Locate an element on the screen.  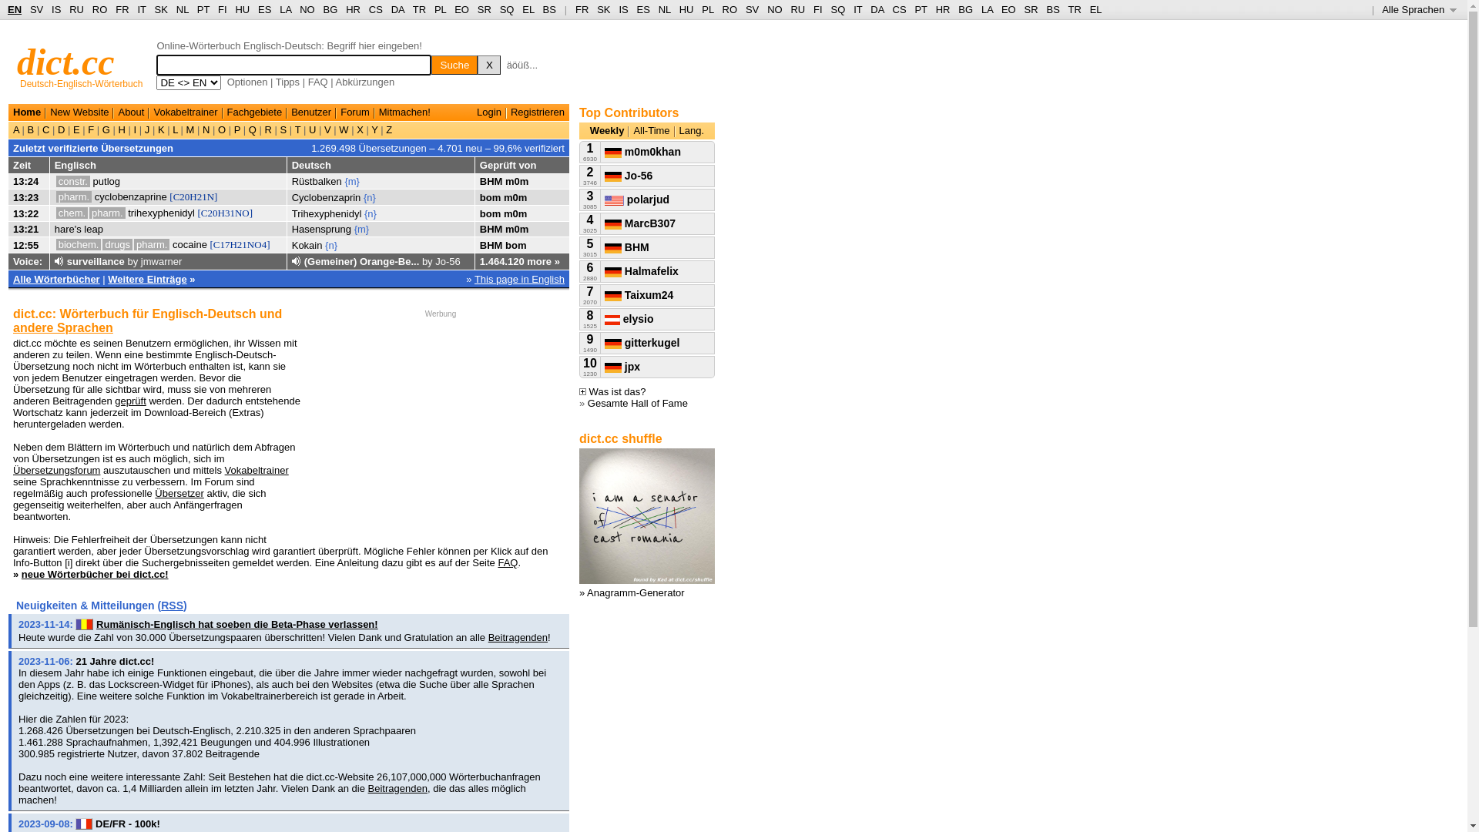
'N' is located at coordinates (205, 129).